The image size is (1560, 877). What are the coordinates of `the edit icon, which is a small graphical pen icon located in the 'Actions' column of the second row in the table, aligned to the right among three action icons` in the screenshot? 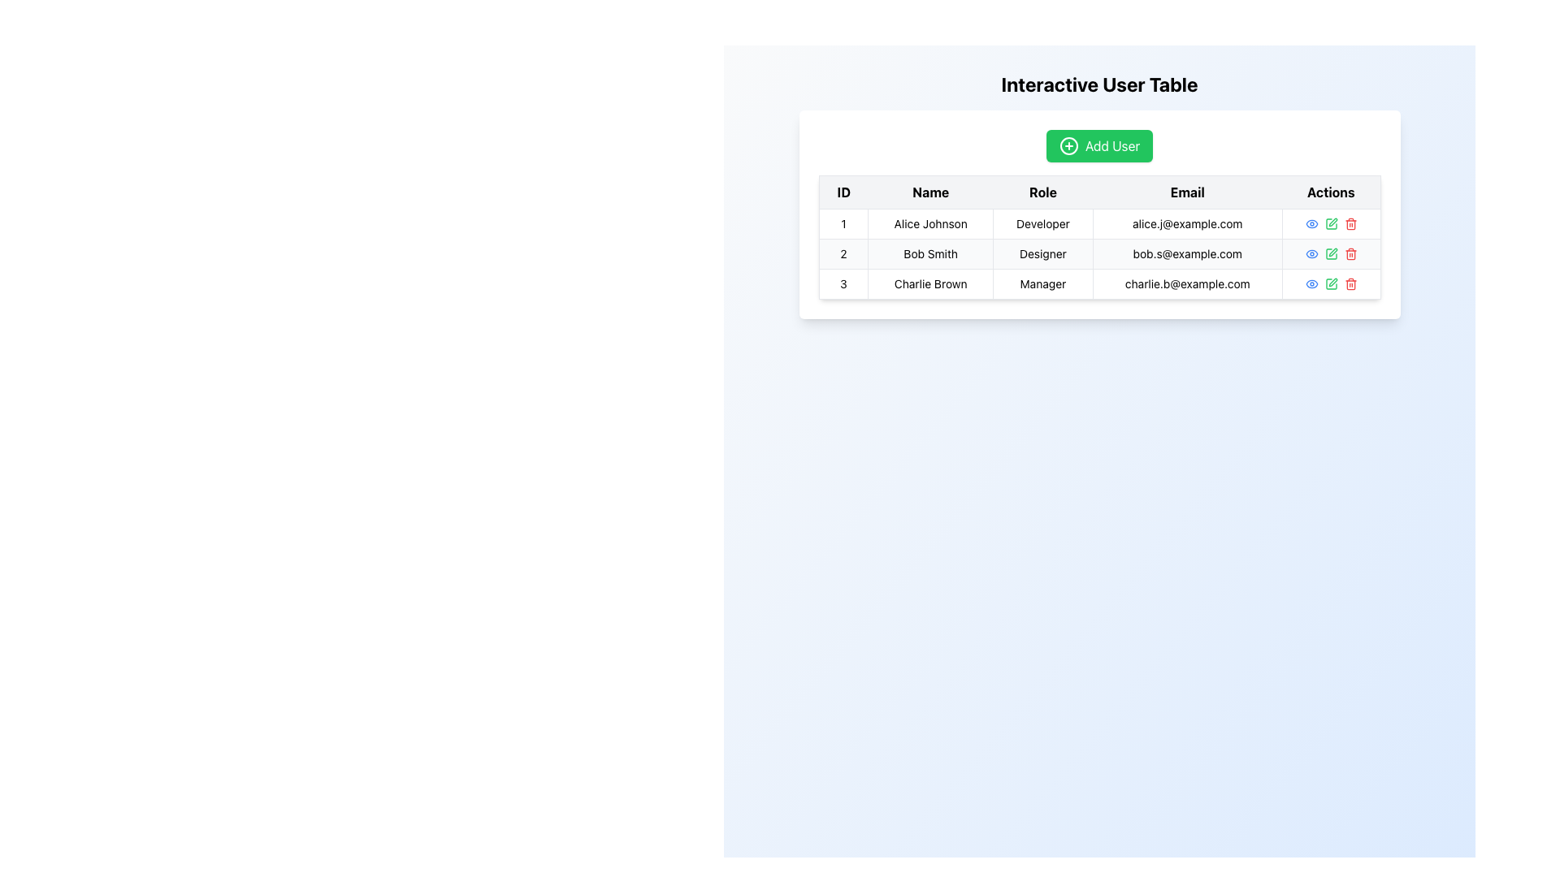 It's located at (1332, 253).